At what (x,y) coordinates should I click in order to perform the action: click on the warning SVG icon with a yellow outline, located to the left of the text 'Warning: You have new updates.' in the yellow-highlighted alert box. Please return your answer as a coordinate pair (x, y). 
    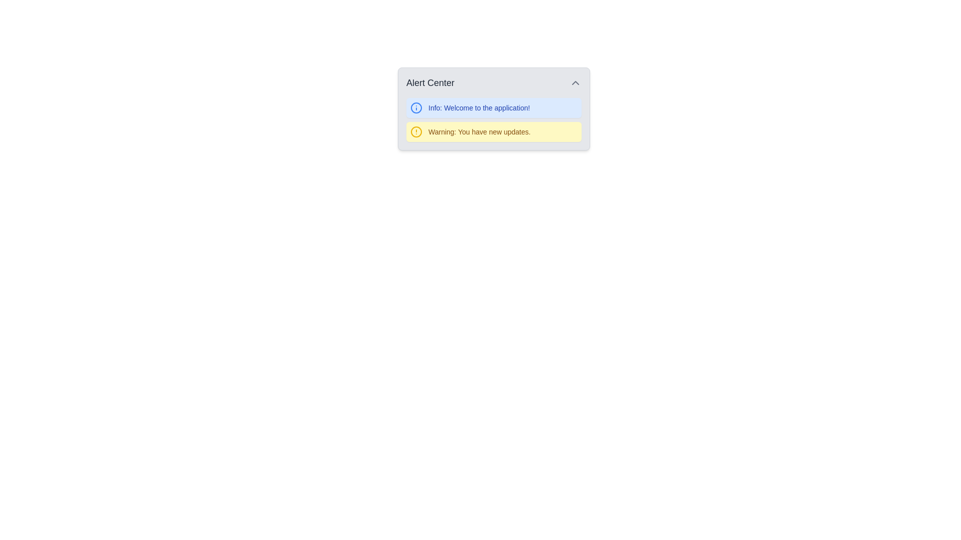
    Looking at the image, I should click on (416, 131).